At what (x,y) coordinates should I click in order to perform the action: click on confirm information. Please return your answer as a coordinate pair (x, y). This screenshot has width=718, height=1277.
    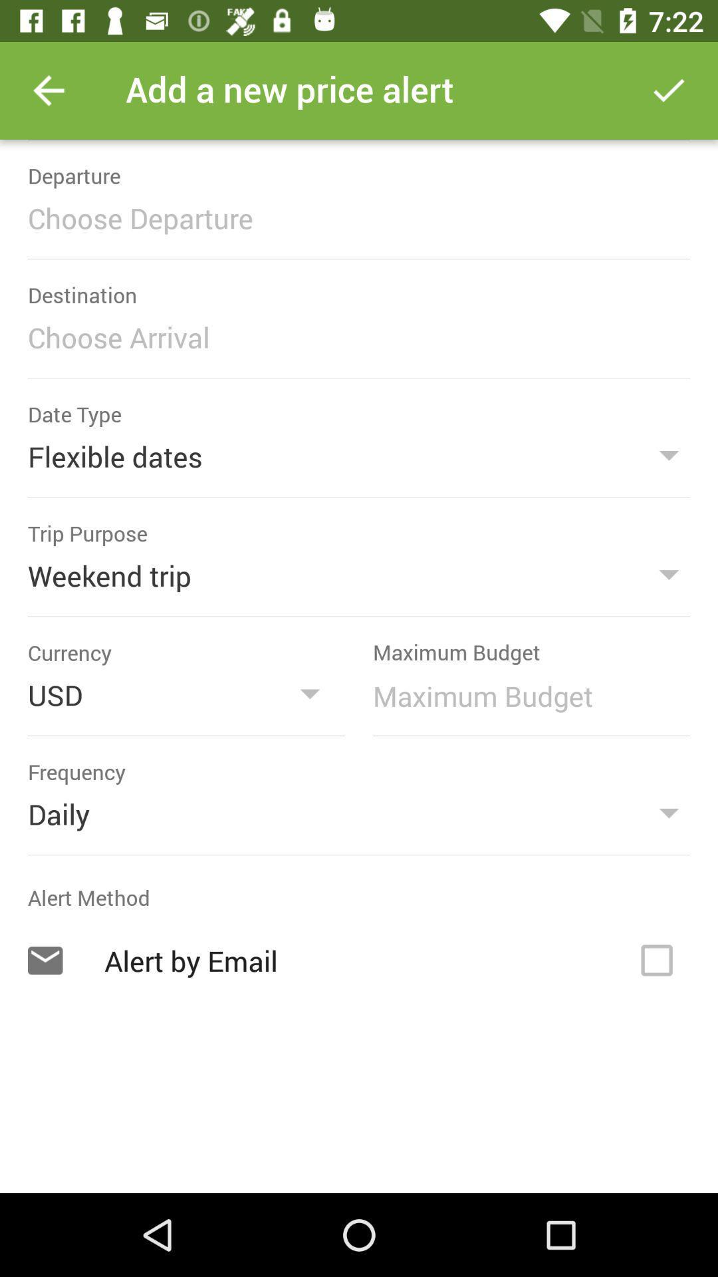
    Looking at the image, I should click on (669, 90).